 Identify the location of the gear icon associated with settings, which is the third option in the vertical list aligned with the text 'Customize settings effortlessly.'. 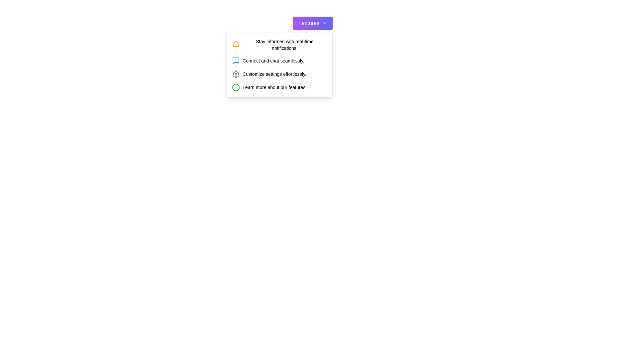
(236, 74).